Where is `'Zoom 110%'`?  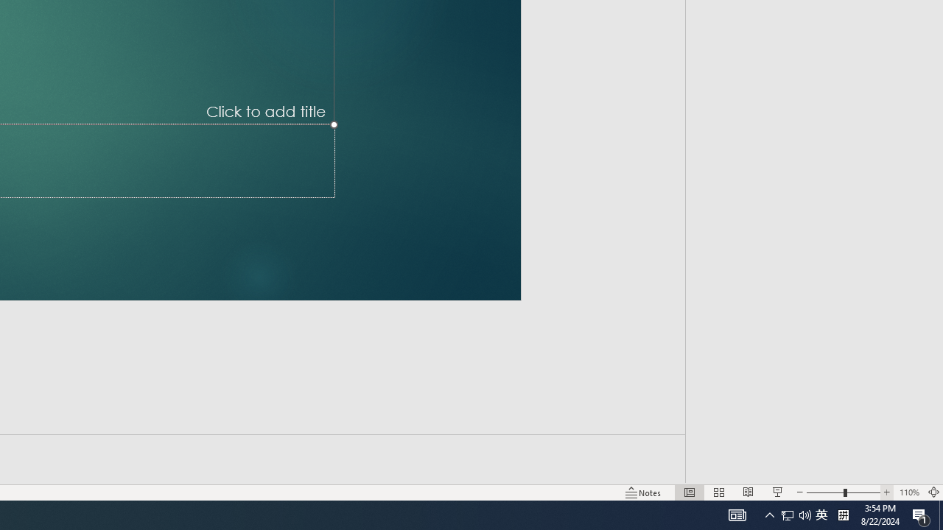
'Zoom 110%' is located at coordinates (908, 492).